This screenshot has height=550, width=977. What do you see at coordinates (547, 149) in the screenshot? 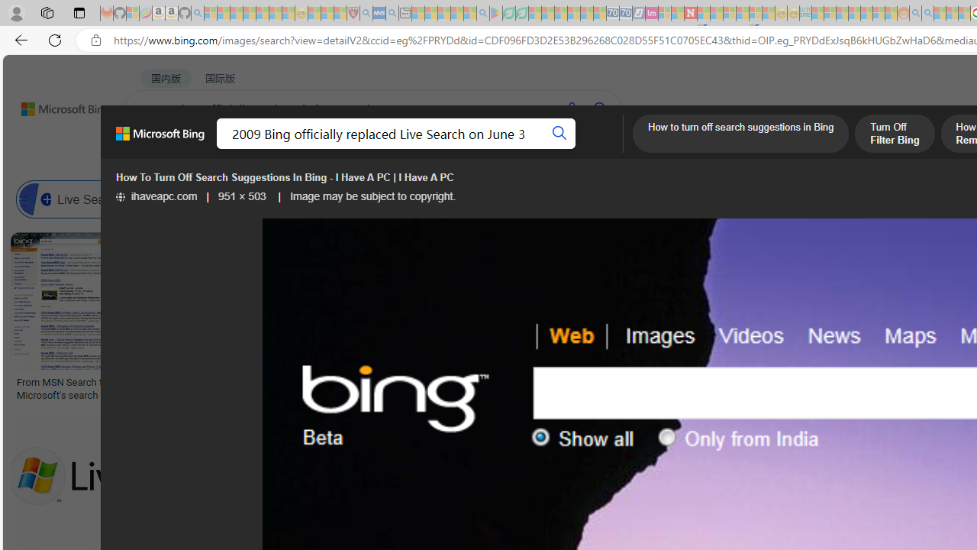
I see `'DICT'` at bounding box center [547, 149].